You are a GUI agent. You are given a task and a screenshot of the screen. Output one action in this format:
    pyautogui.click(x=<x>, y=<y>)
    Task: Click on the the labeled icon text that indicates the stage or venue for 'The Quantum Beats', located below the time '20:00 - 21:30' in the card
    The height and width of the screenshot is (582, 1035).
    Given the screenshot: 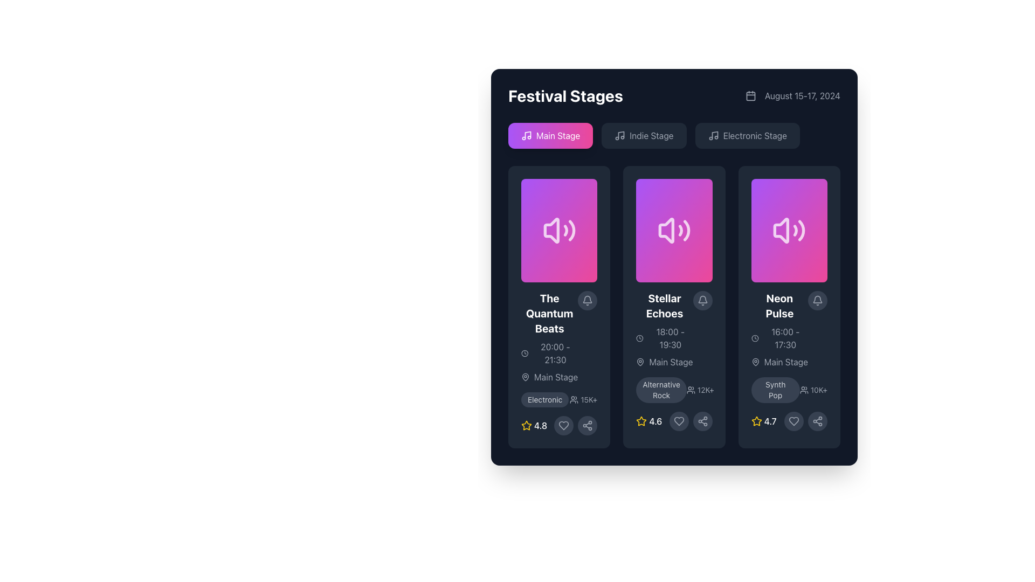 What is the action you would take?
    pyautogui.click(x=549, y=376)
    